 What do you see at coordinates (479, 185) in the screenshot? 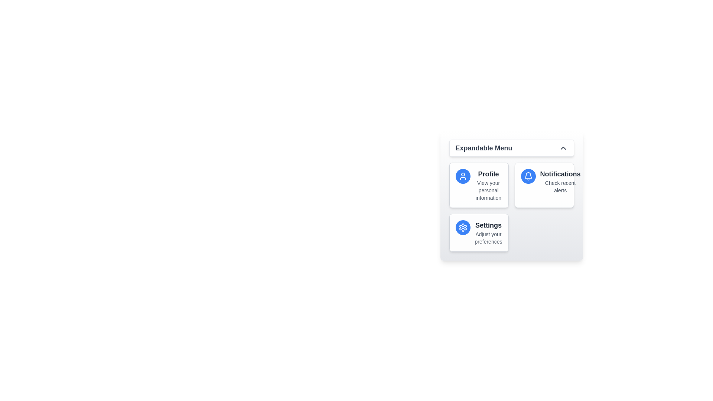
I see `the menu item labeled Profile` at bounding box center [479, 185].